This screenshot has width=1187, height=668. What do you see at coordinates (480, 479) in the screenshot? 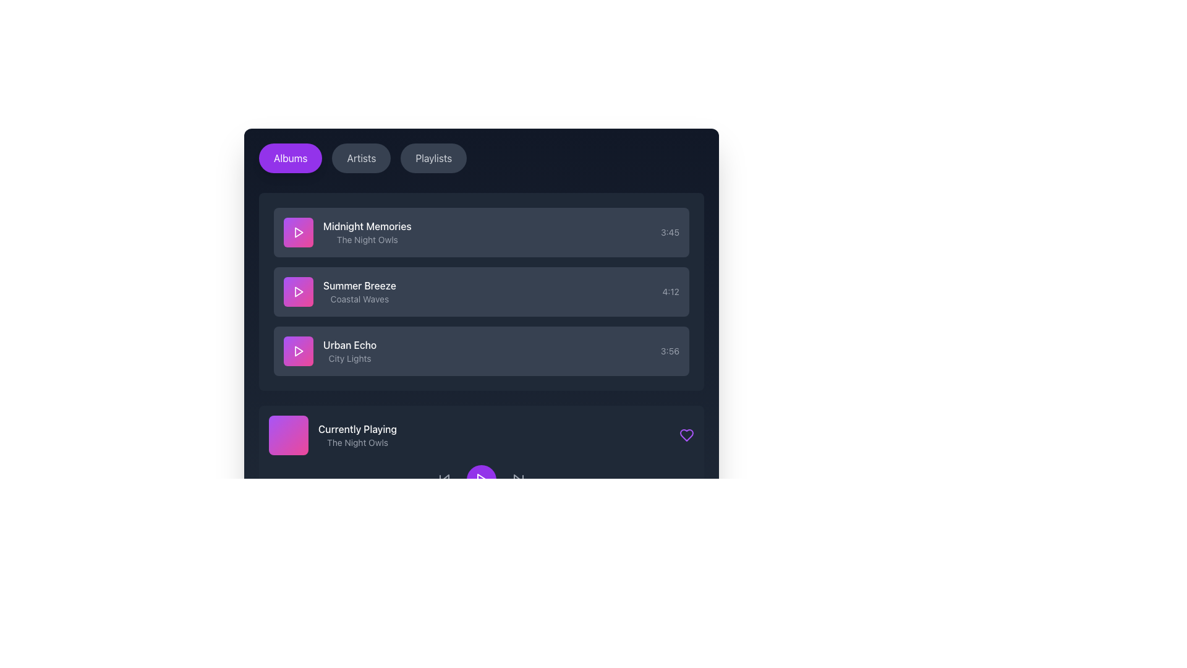
I see `the triangular 'Play' button with white strokes on a purple circular background located at the bottom central part of the interface` at bounding box center [480, 479].